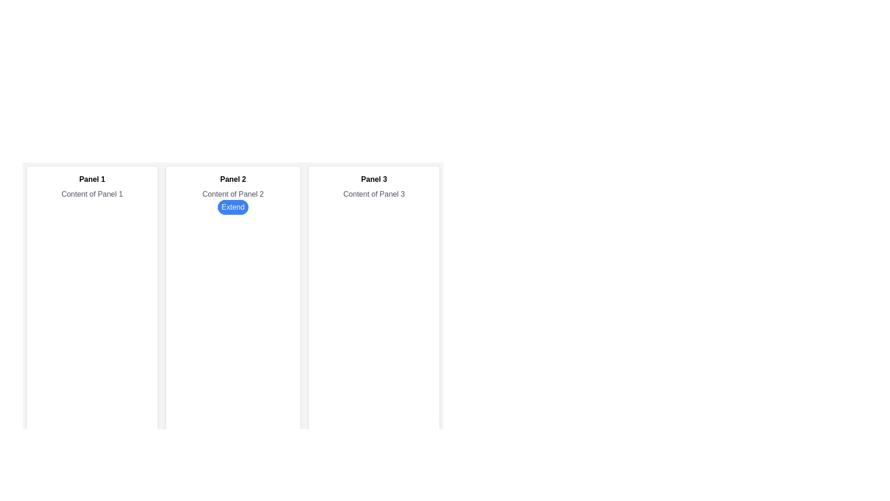  What do you see at coordinates (233, 207) in the screenshot?
I see `the button located centrally within the second column labeled 'Panel 2'` at bounding box center [233, 207].